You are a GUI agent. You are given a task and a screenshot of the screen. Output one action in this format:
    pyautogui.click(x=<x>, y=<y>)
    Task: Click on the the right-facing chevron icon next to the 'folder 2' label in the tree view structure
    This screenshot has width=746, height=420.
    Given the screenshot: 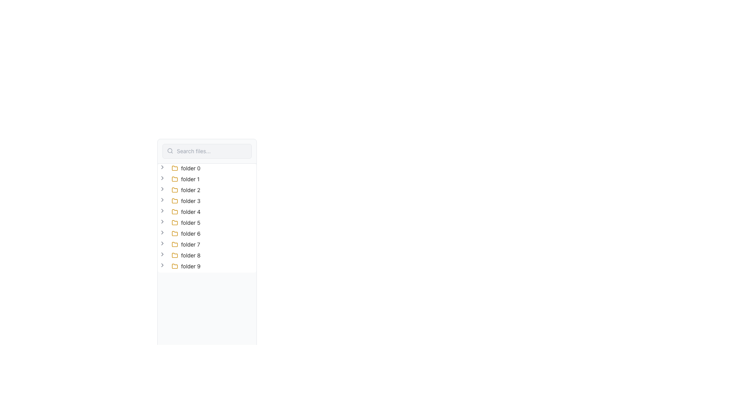 What is the action you would take?
    pyautogui.click(x=162, y=189)
    